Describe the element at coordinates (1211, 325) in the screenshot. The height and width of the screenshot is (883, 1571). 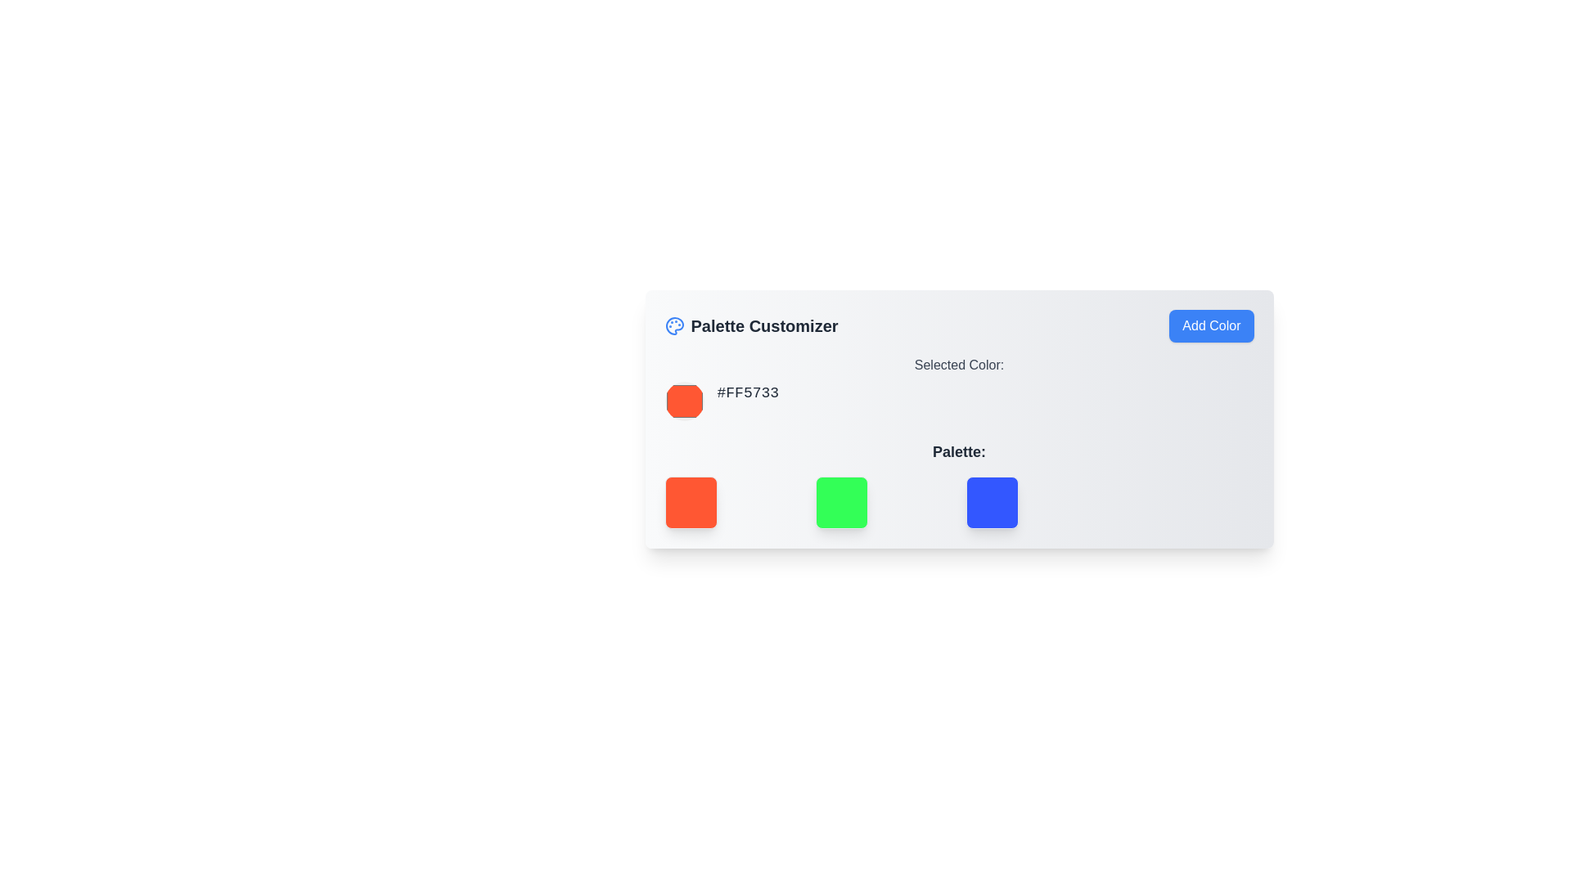
I see `the 'Add Color' button, which is a rectangular button with a blue background and white text located at the top-right corner of the 'Palette Customizer' section` at that location.